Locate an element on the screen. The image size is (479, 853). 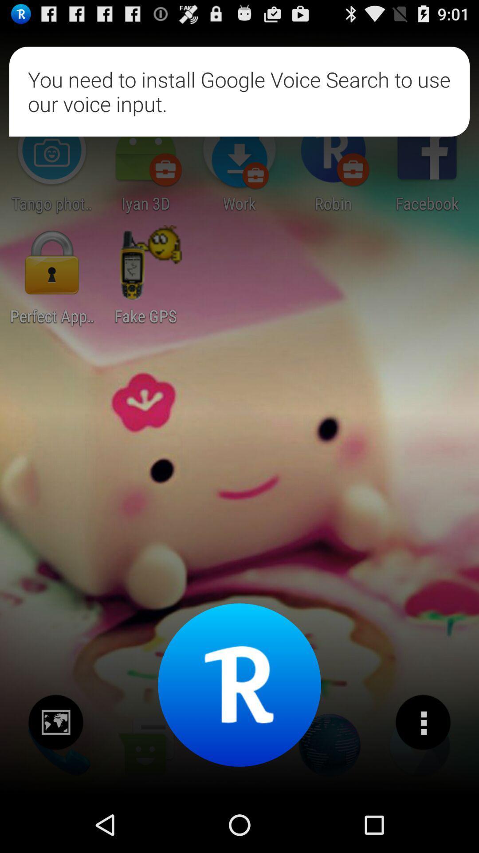
more info button is located at coordinates (422, 722).